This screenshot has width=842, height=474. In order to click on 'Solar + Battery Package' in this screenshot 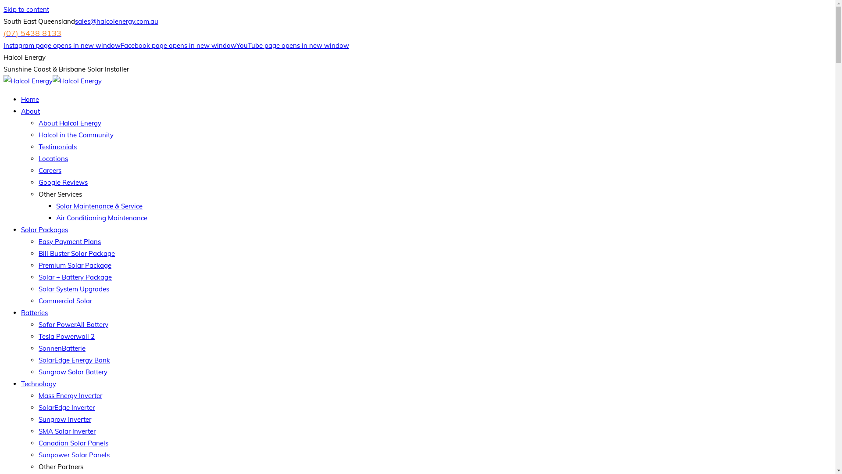, I will do `click(38, 277)`.